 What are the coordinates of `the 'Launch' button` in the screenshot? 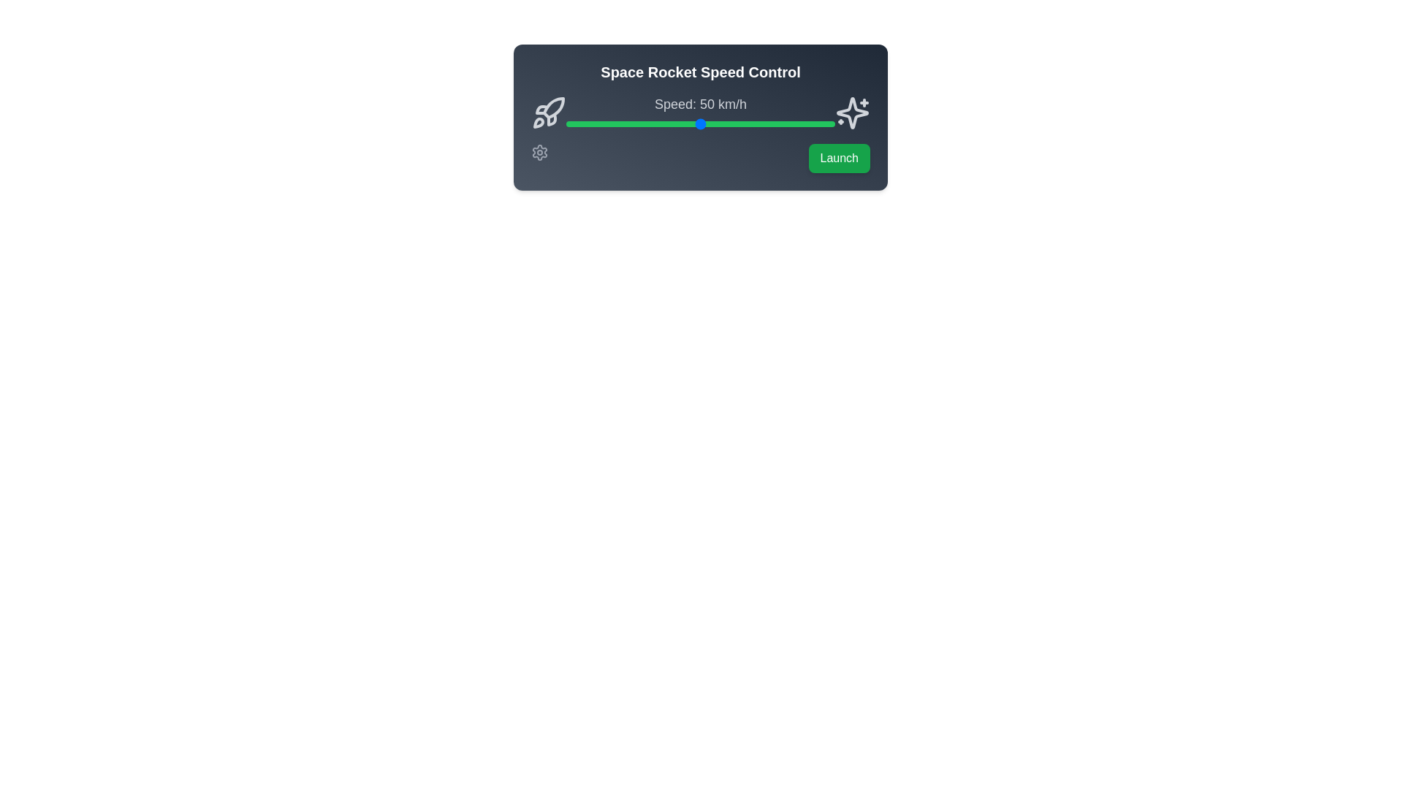 It's located at (839, 158).